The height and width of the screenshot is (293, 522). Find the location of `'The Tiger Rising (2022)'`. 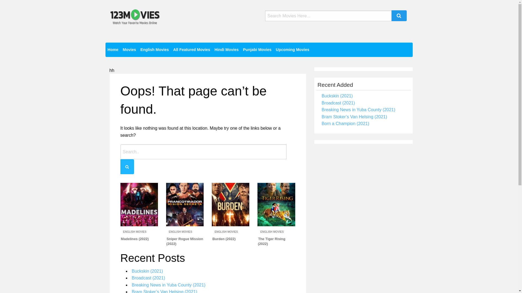

'The Tiger Rising (2022)' is located at coordinates (271, 241).